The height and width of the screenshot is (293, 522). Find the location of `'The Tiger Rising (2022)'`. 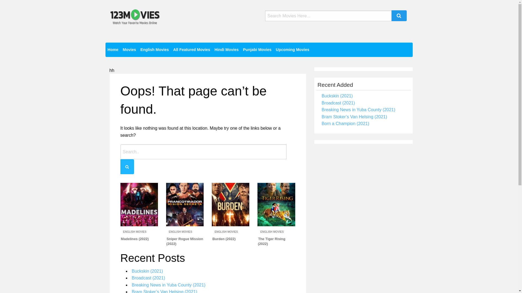

'The Tiger Rising (2022)' is located at coordinates (271, 241).